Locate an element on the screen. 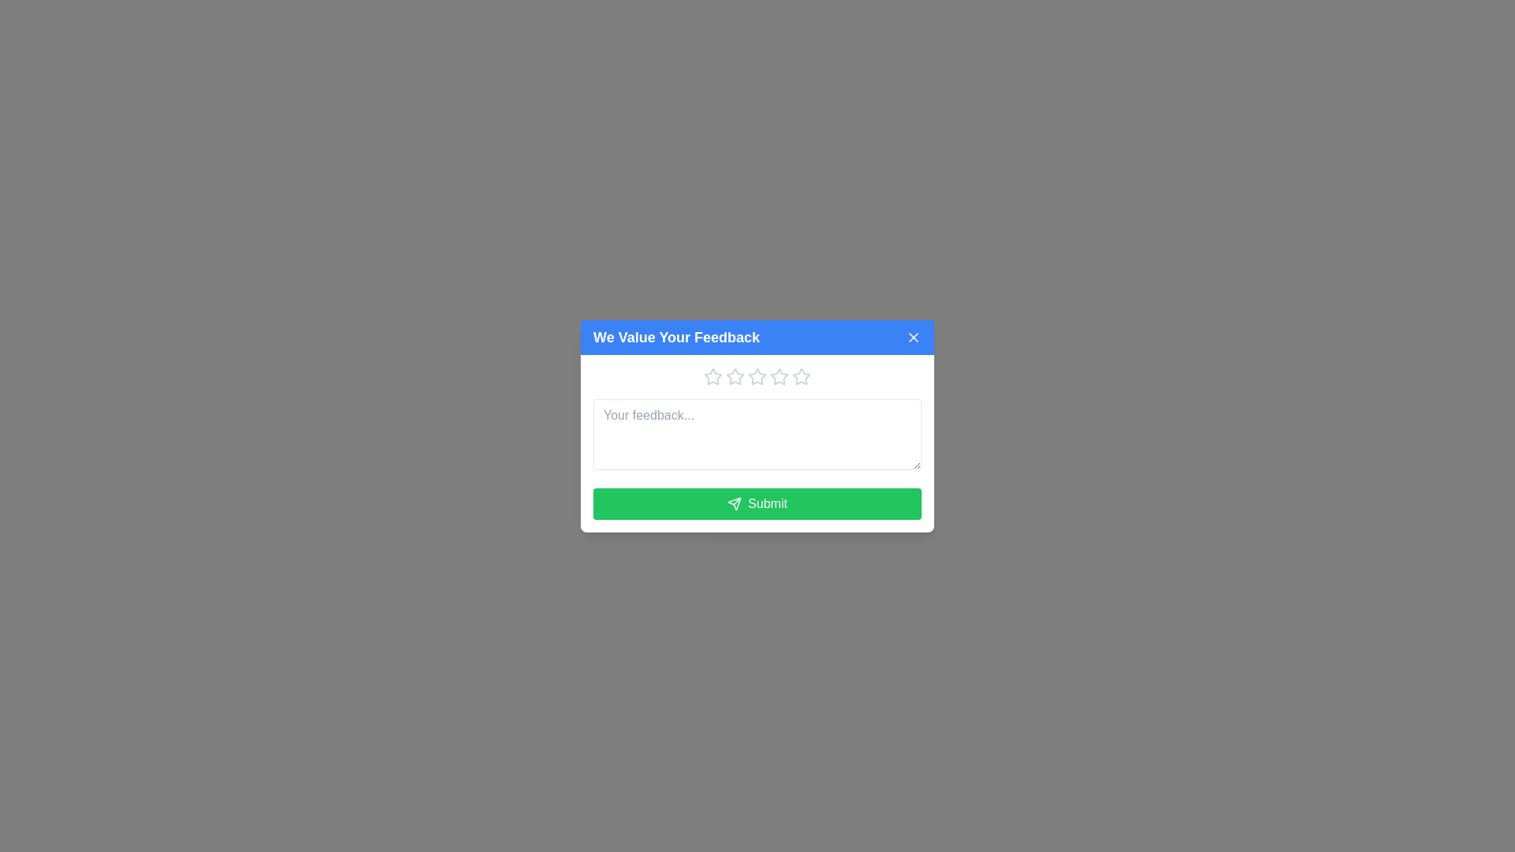  the second star icon in the horizontal sequence of five stars in the feedback modal to trigger a visual or functional response is located at coordinates (734, 376).